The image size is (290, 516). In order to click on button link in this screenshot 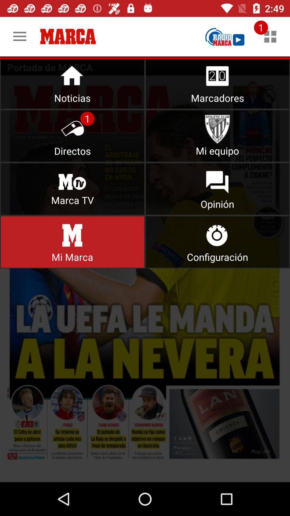, I will do `click(73, 242)`.